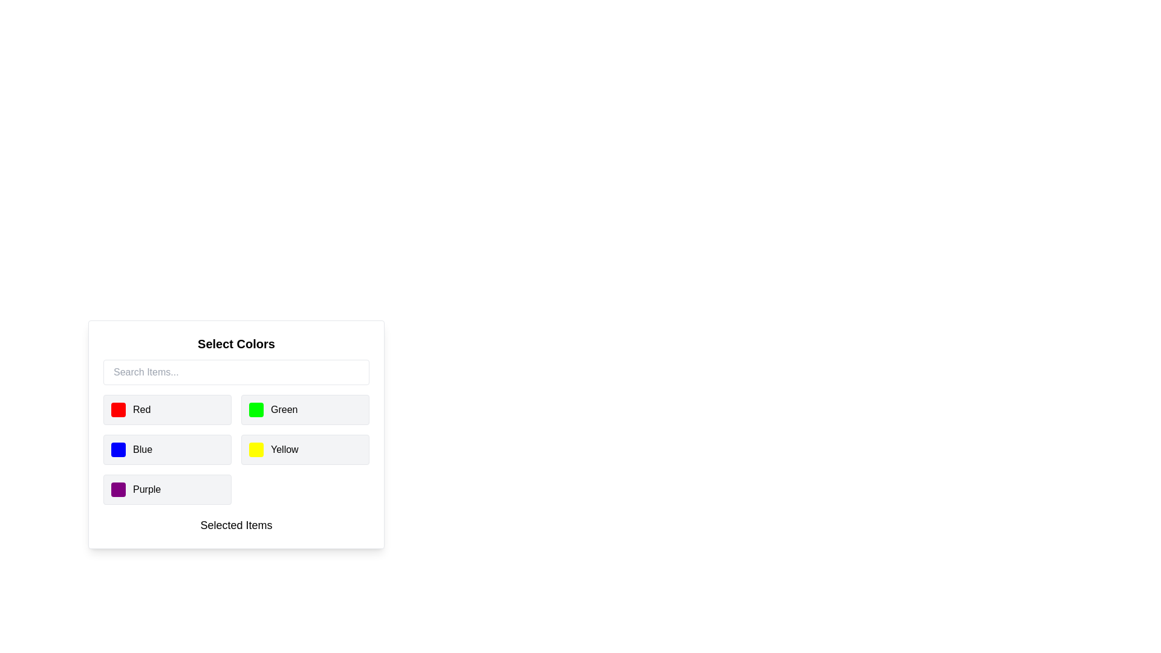 Image resolution: width=1161 pixels, height=653 pixels. Describe the element at coordinates (141, 409) in the screenshot. I see `text of the label that displays 'Red', which is part of the color selection area next to the red square, located in the top-left corner of the grid under 'Select Colors'` at that location.